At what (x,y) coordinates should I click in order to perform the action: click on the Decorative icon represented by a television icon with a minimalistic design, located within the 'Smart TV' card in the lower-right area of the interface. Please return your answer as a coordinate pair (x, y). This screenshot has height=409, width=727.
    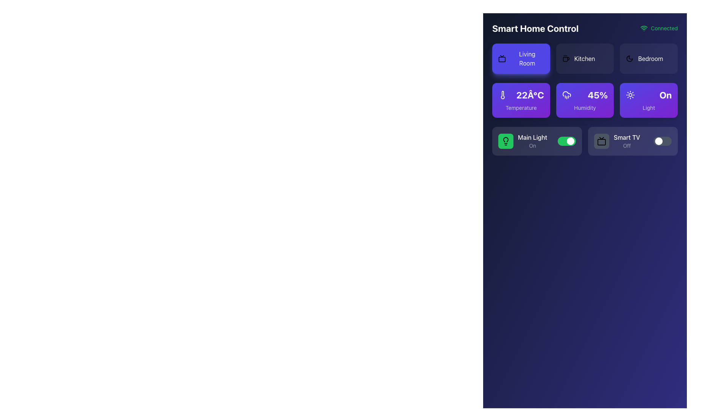
    Looking at the image, I should click on (601, 141).